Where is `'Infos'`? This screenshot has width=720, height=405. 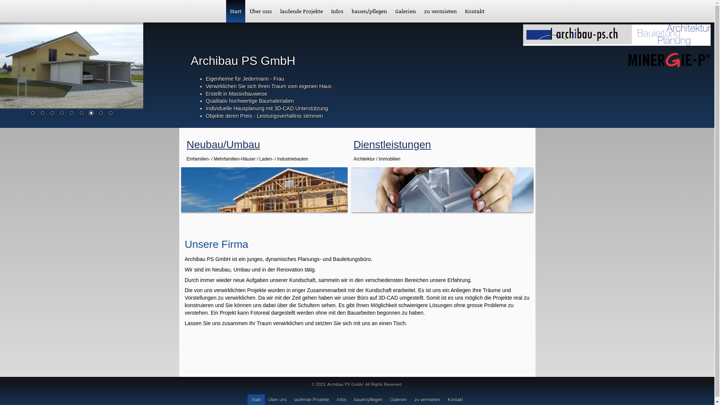
'Infos' is located at coordinates (337, 11).